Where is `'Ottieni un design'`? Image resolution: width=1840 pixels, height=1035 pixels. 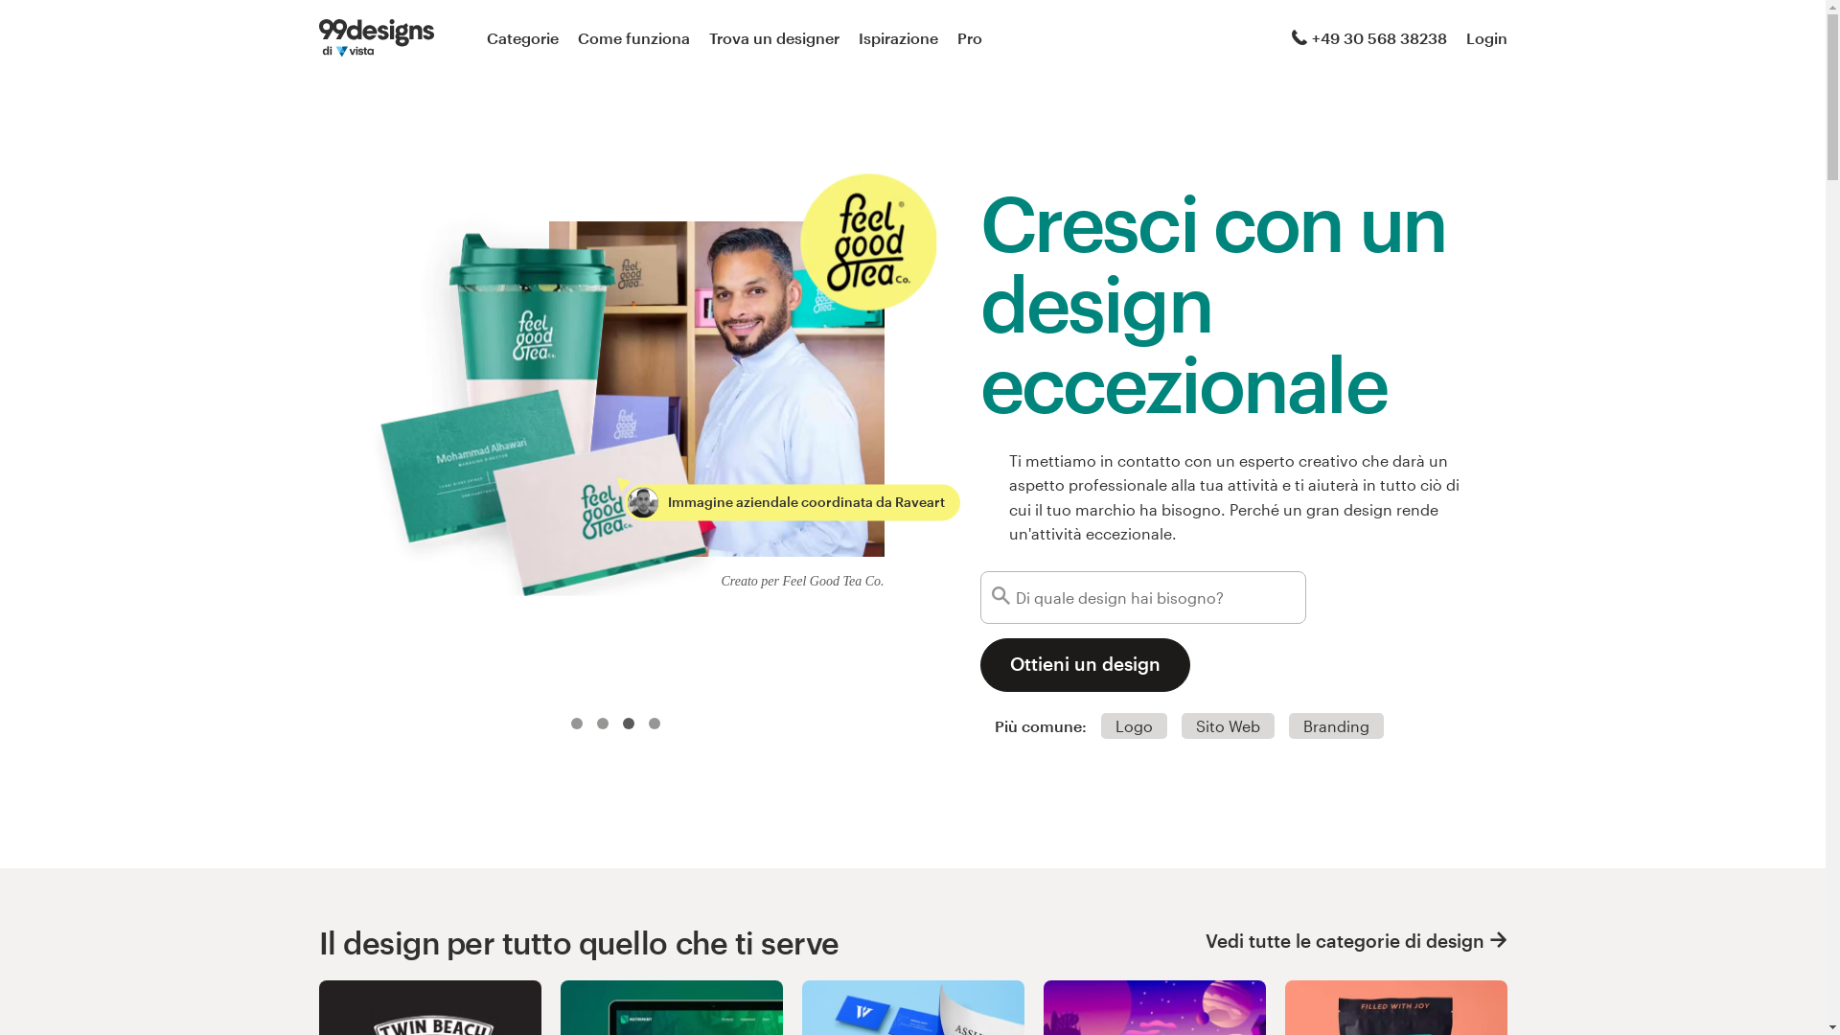 'Ottieni un design' is located at coordinates (1084, 664).